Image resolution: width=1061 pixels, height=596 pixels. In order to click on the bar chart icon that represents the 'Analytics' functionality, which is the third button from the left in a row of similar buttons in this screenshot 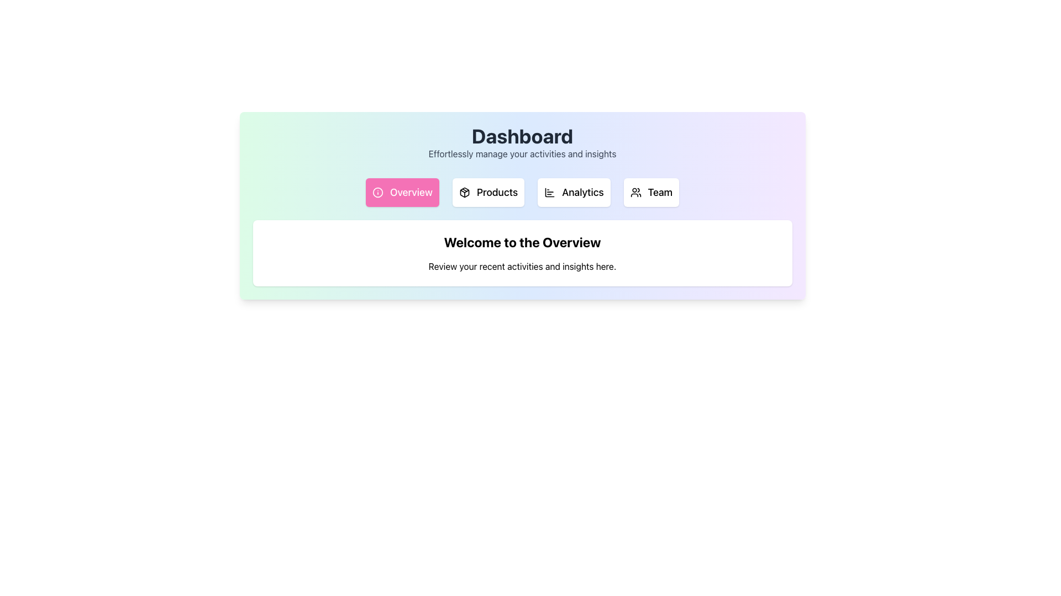, I will do `click(550, 191)`.